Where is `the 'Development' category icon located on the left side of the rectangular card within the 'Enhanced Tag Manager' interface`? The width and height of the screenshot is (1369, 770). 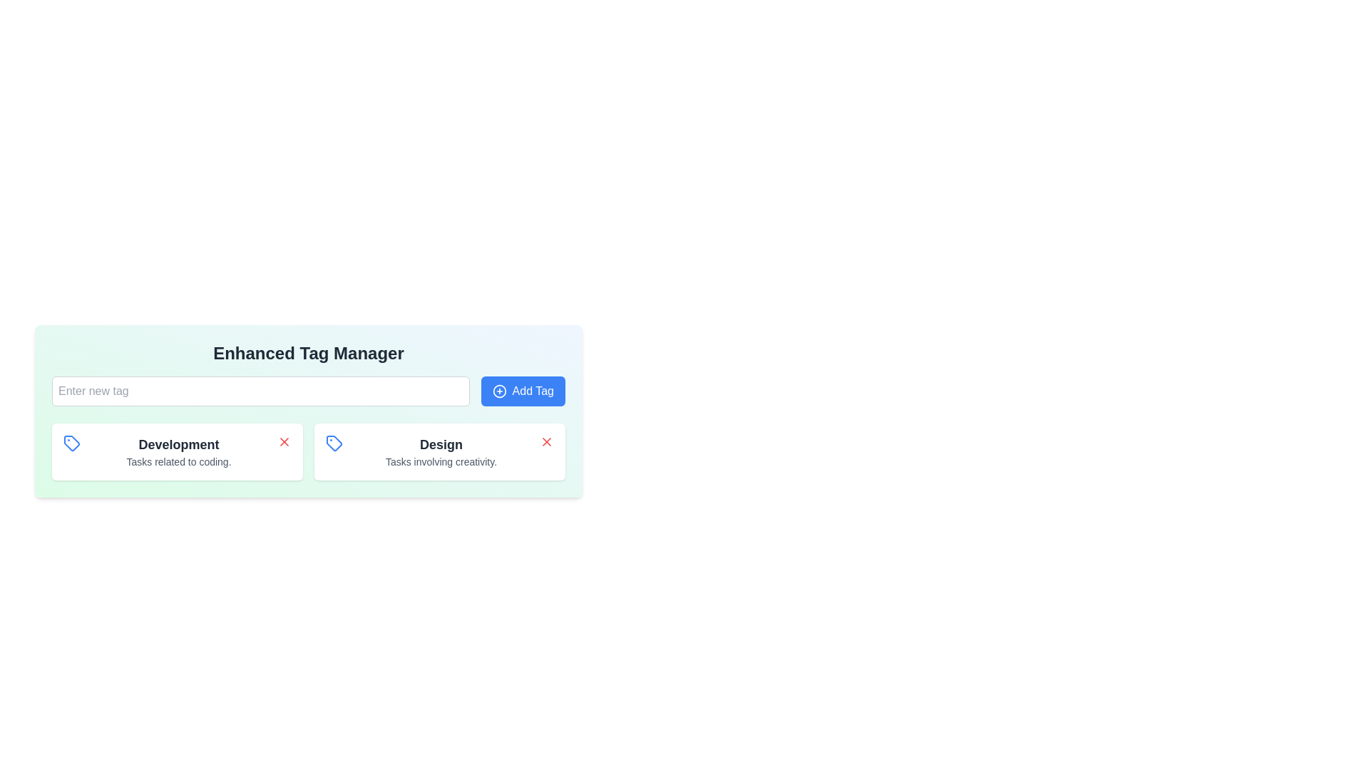 the 'Development' category icon located on the left side of the rectangular card within the 'Enhanced Tag Manager' interface is located at coordinates (71, 442).